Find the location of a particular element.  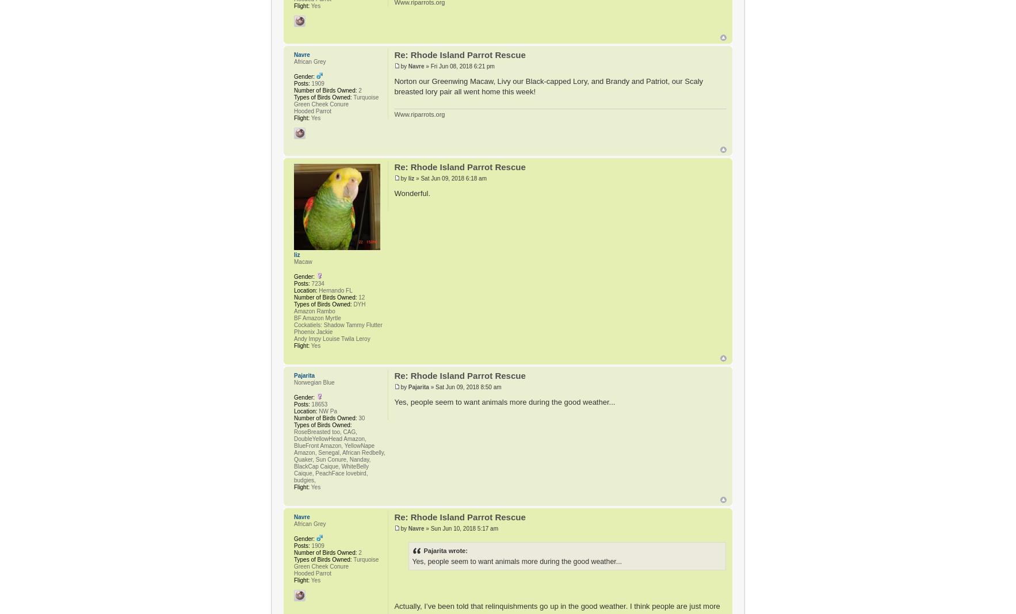

'Pajarita wrote:' is located at coordinates (423, 550).